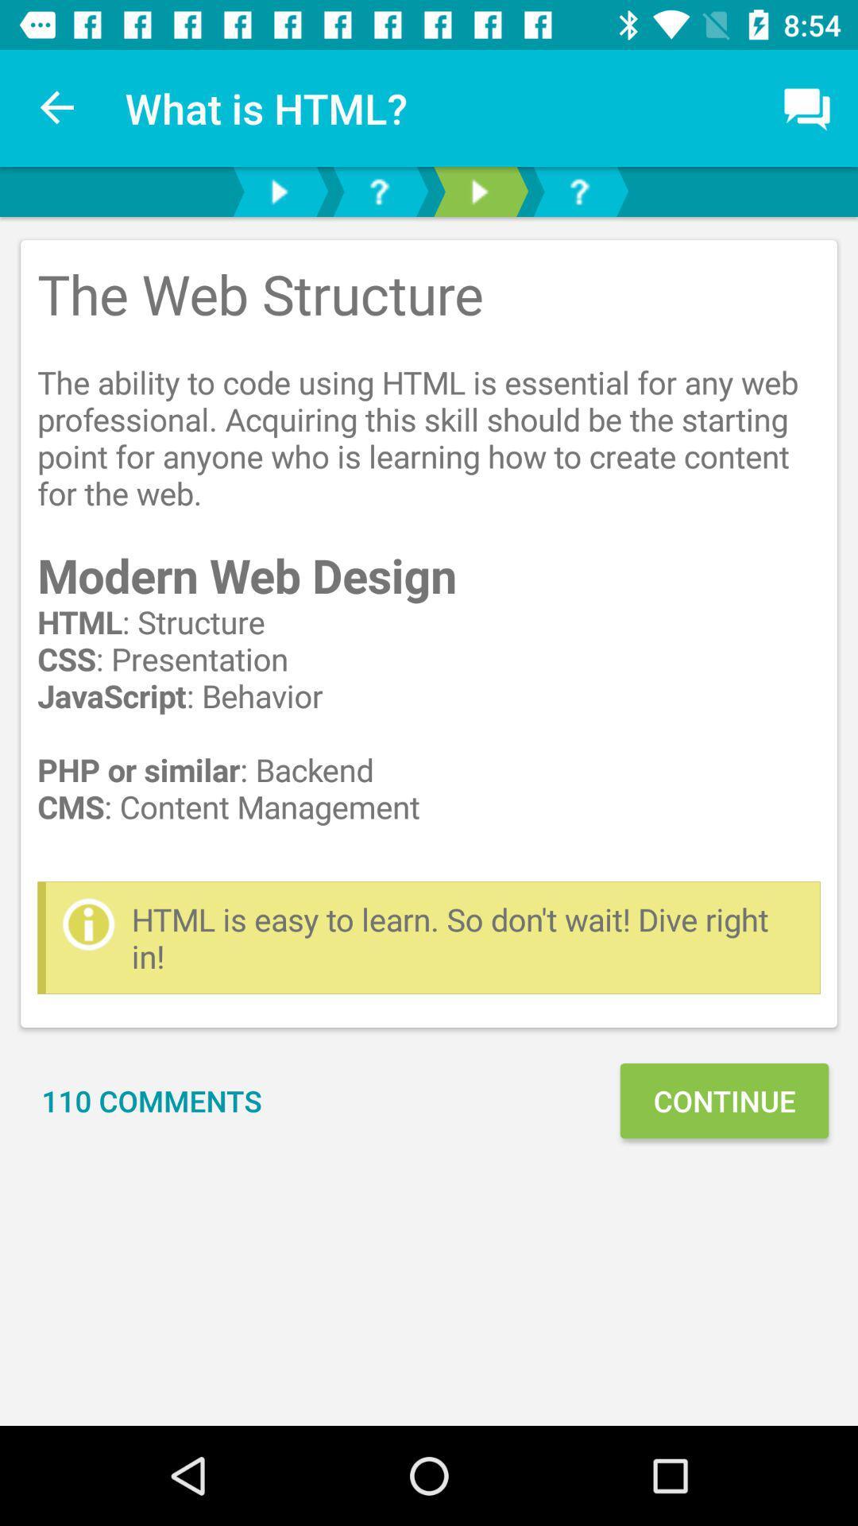 The height and width of the screenshot is (1526, 858). Describe the element at coordinates (429, 560) in the screenshot. I see `the web structure item` at that location.